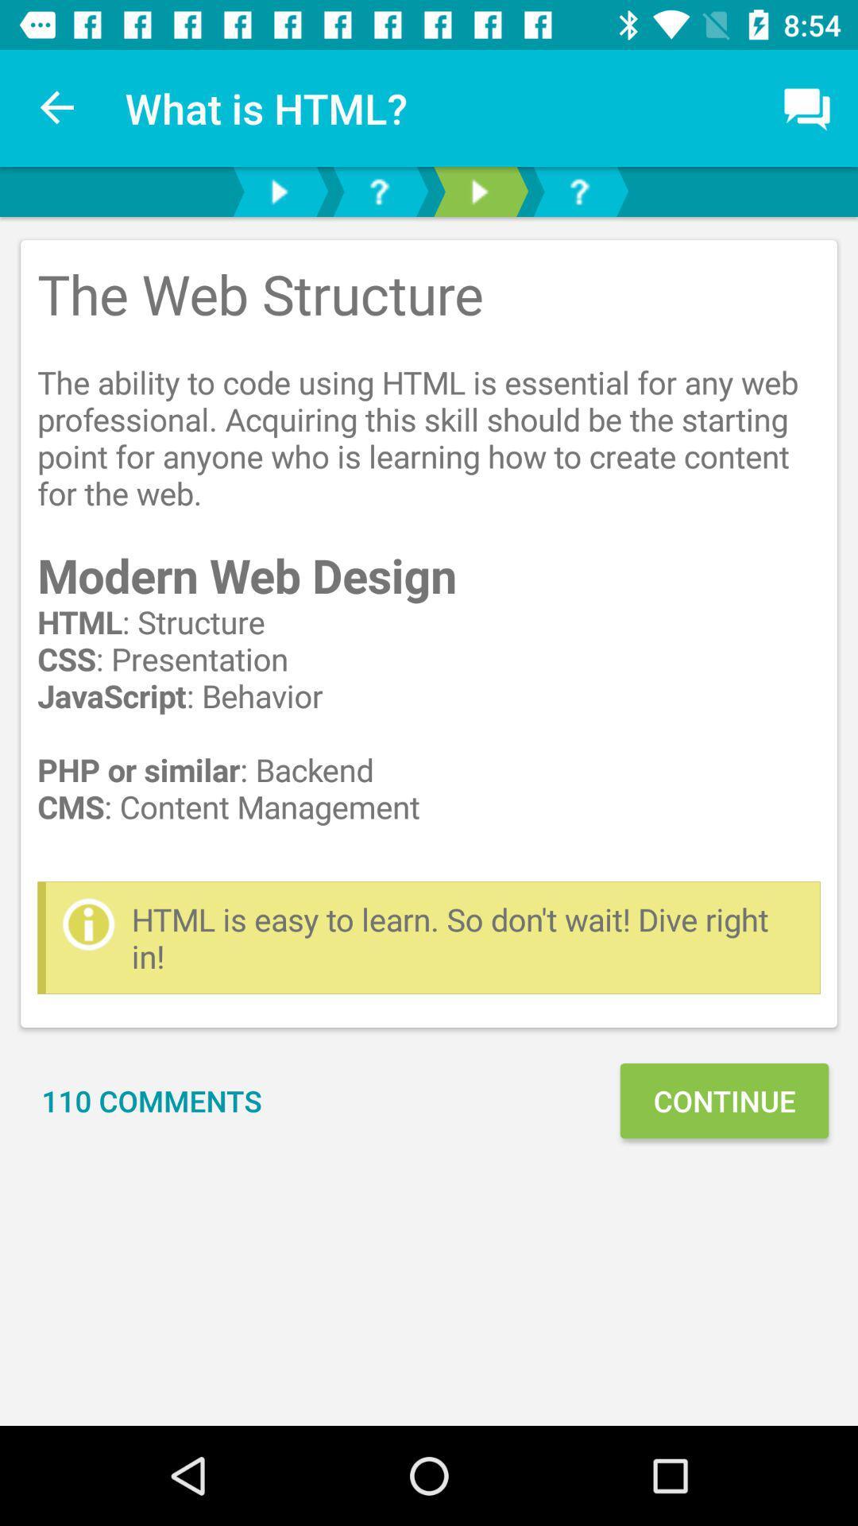 The height and width of the screenshot is (1526, 858). Describe the element at coordinates (429, 560) in the screenshot. I see `the web structure item` at that location.